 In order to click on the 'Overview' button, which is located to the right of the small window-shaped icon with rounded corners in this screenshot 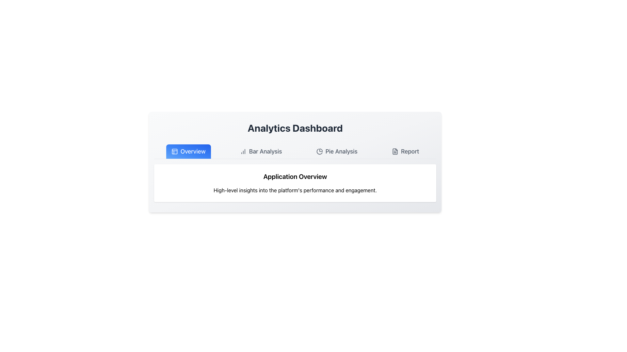, I will do `click(174, 152)`.